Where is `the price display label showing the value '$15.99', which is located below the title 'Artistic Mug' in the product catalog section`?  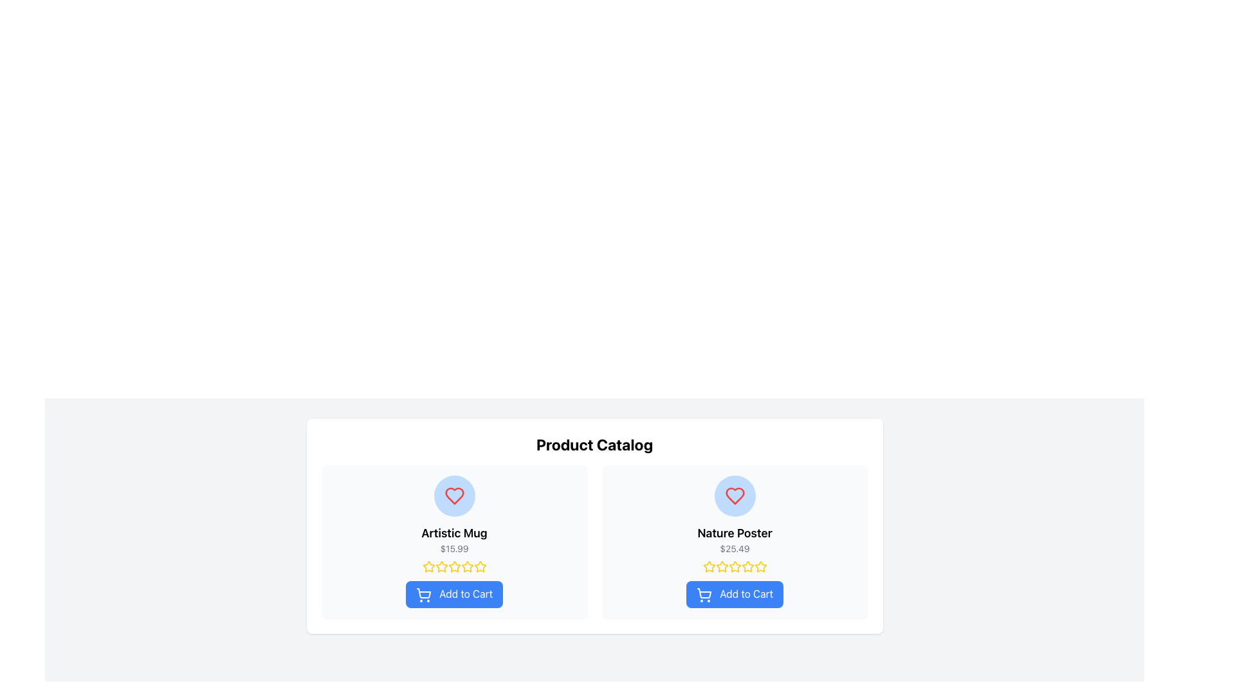 the price display label showing the value '$15.99', which is located below the title 'Artistic Mug' in the product catalog section is located at coordinates (454, 548).